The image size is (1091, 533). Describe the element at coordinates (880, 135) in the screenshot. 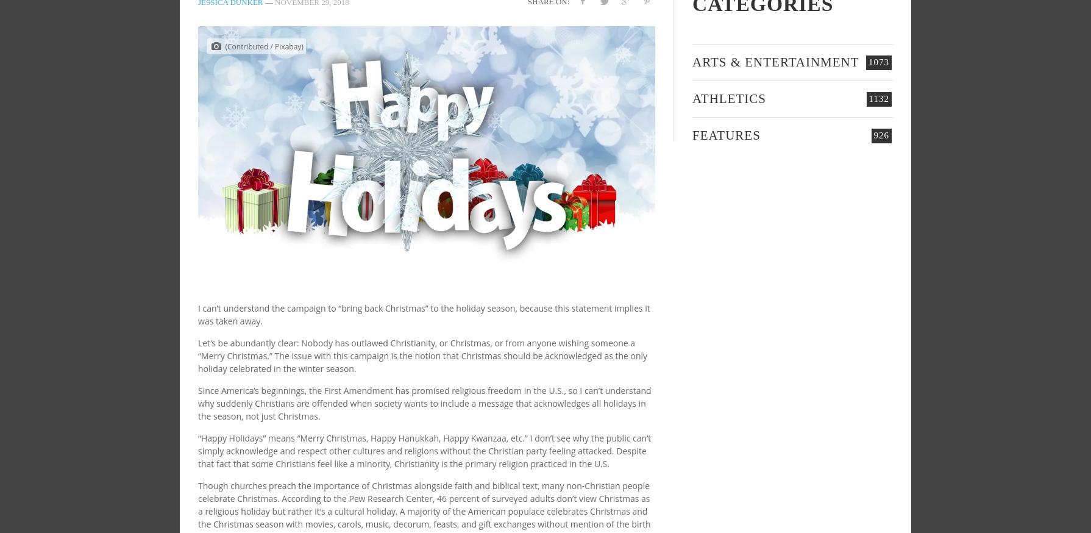

I see `'926'` at that location.